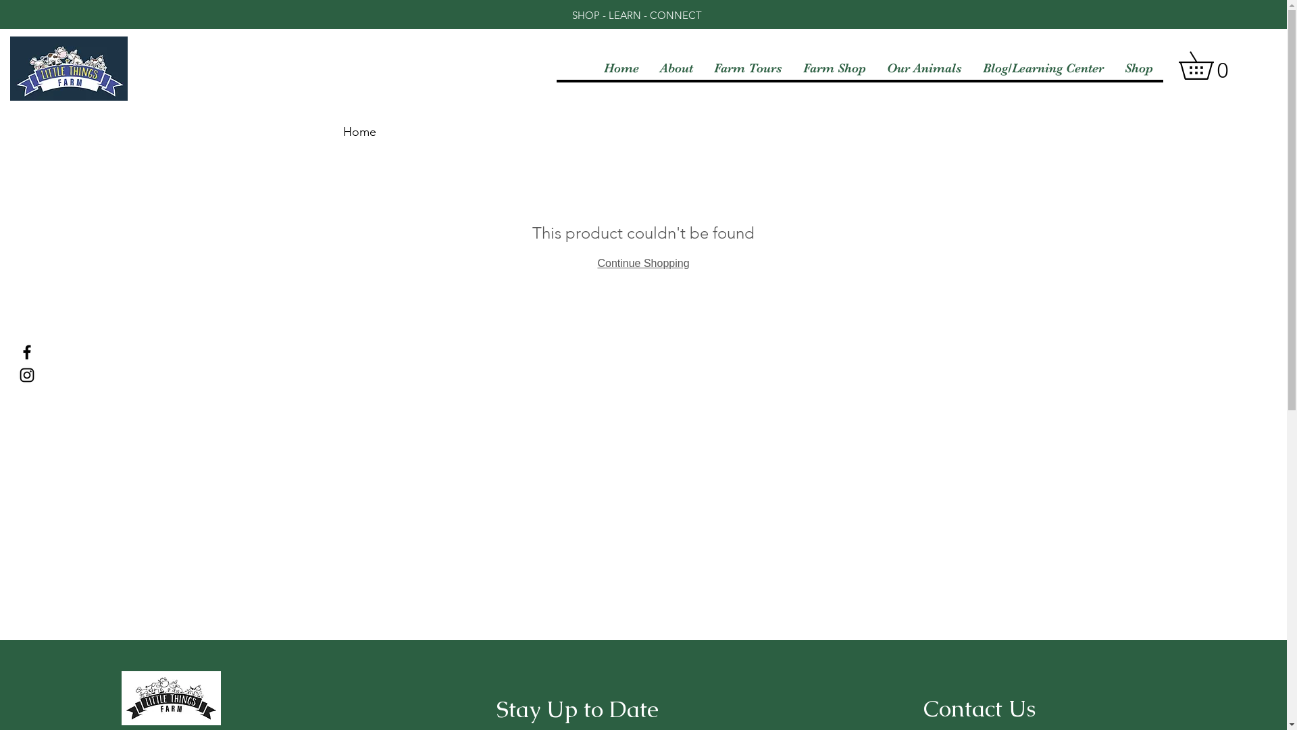 The width and height of the screenshot is (1297, 730). Describe the element at coordinates (642, 263) in the screenshot. I see `'Continue Shopping'` at that location.